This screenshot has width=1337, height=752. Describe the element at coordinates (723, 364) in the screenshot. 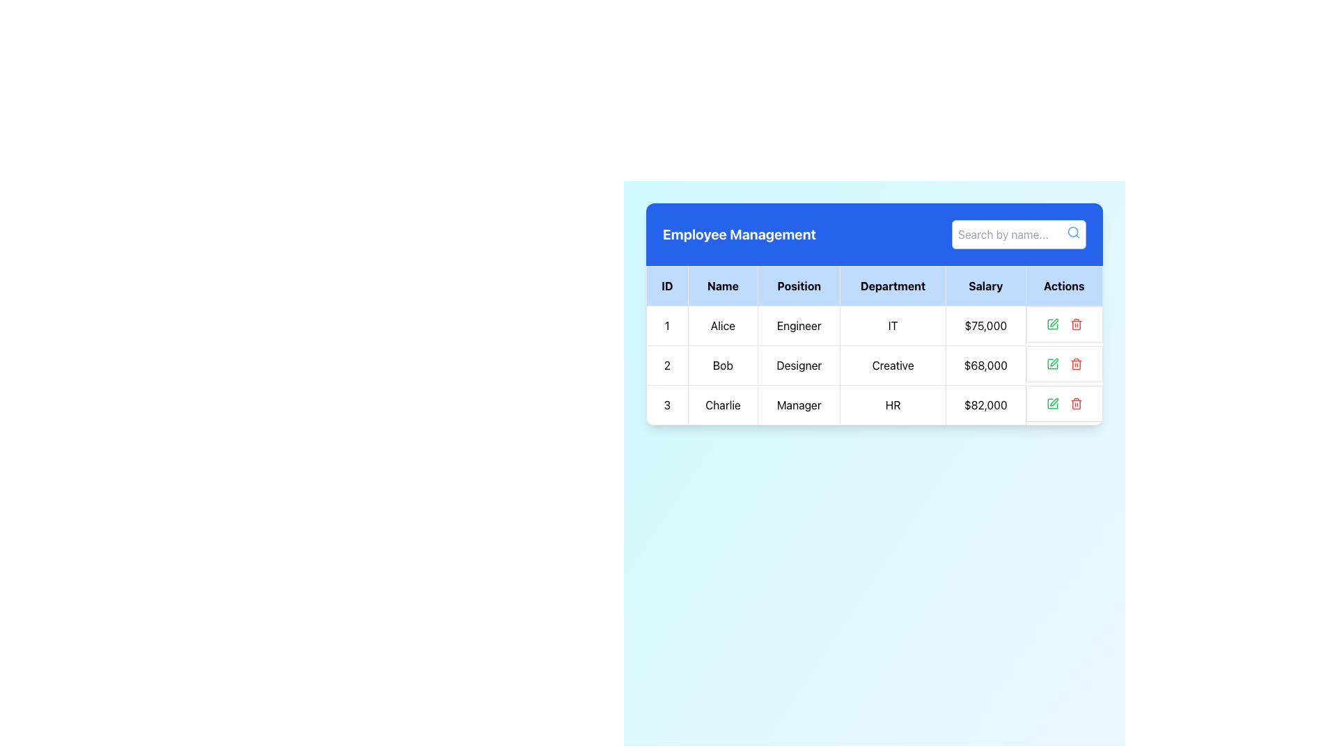

I see `the text label displaying the name 'Bob' in the second row of the table, which is located under the 'Name' column` at that location.